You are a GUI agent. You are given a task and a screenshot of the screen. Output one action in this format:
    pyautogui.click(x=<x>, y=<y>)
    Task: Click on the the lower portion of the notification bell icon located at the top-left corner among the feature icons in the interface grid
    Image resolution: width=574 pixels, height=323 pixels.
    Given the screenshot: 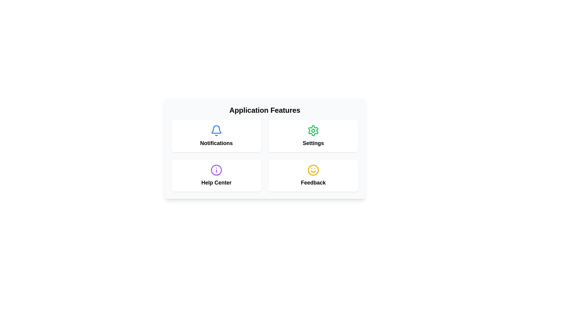 What is the action you would take?
    pyautogui.click(x=216, y=129)
    